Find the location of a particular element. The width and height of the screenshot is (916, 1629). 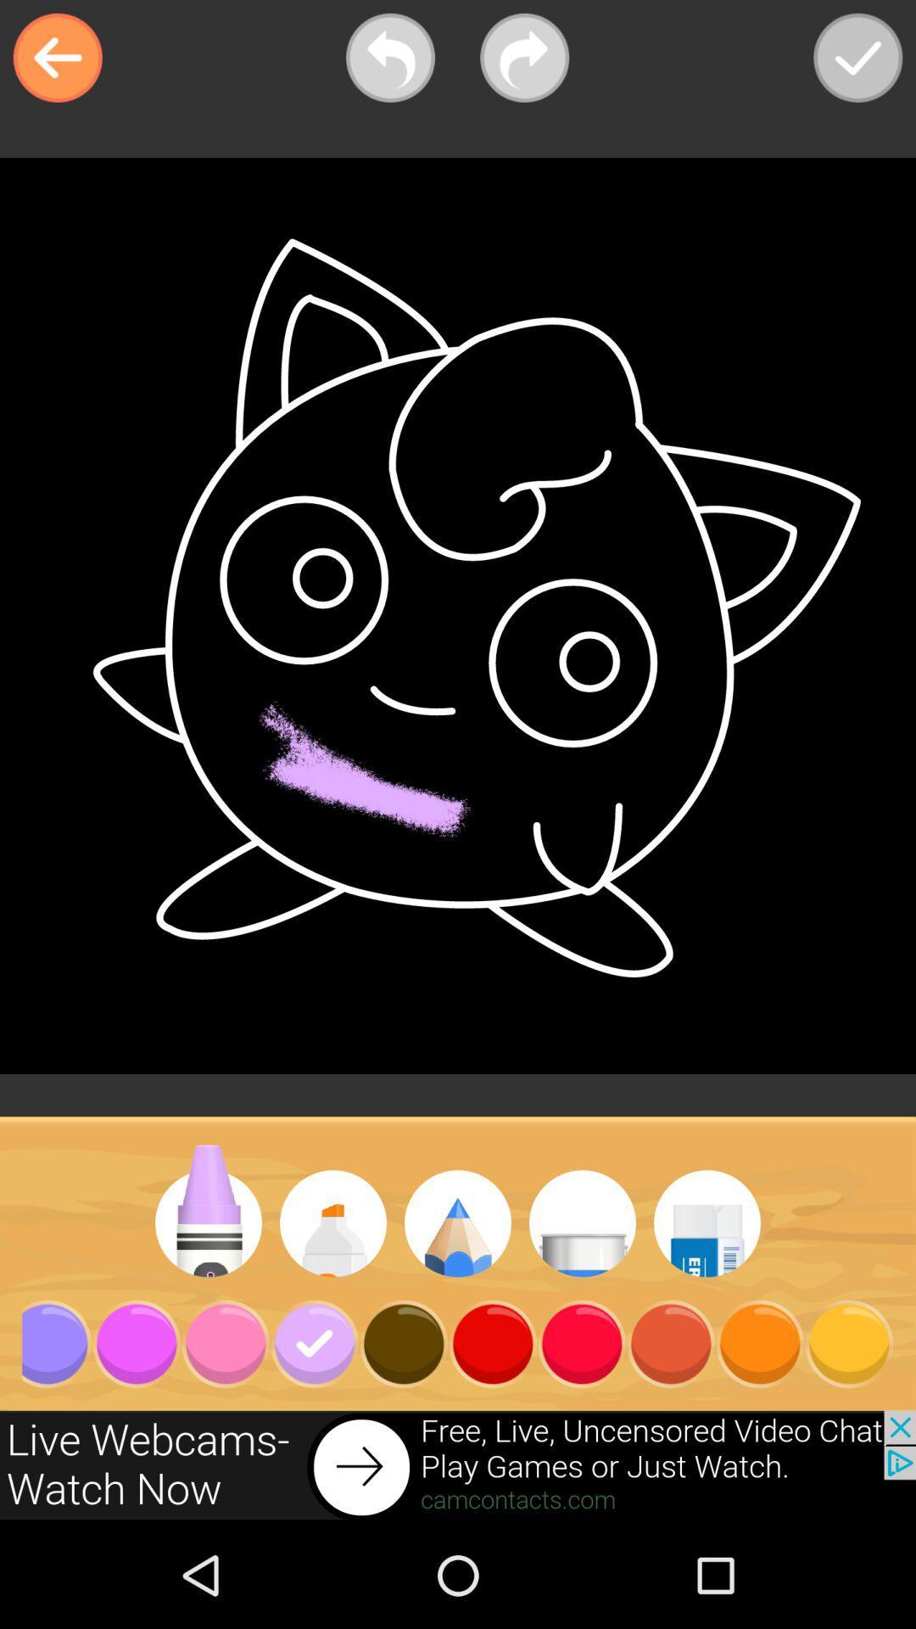

advertisement for live adult webcams is located at coordinates (458, 1465).